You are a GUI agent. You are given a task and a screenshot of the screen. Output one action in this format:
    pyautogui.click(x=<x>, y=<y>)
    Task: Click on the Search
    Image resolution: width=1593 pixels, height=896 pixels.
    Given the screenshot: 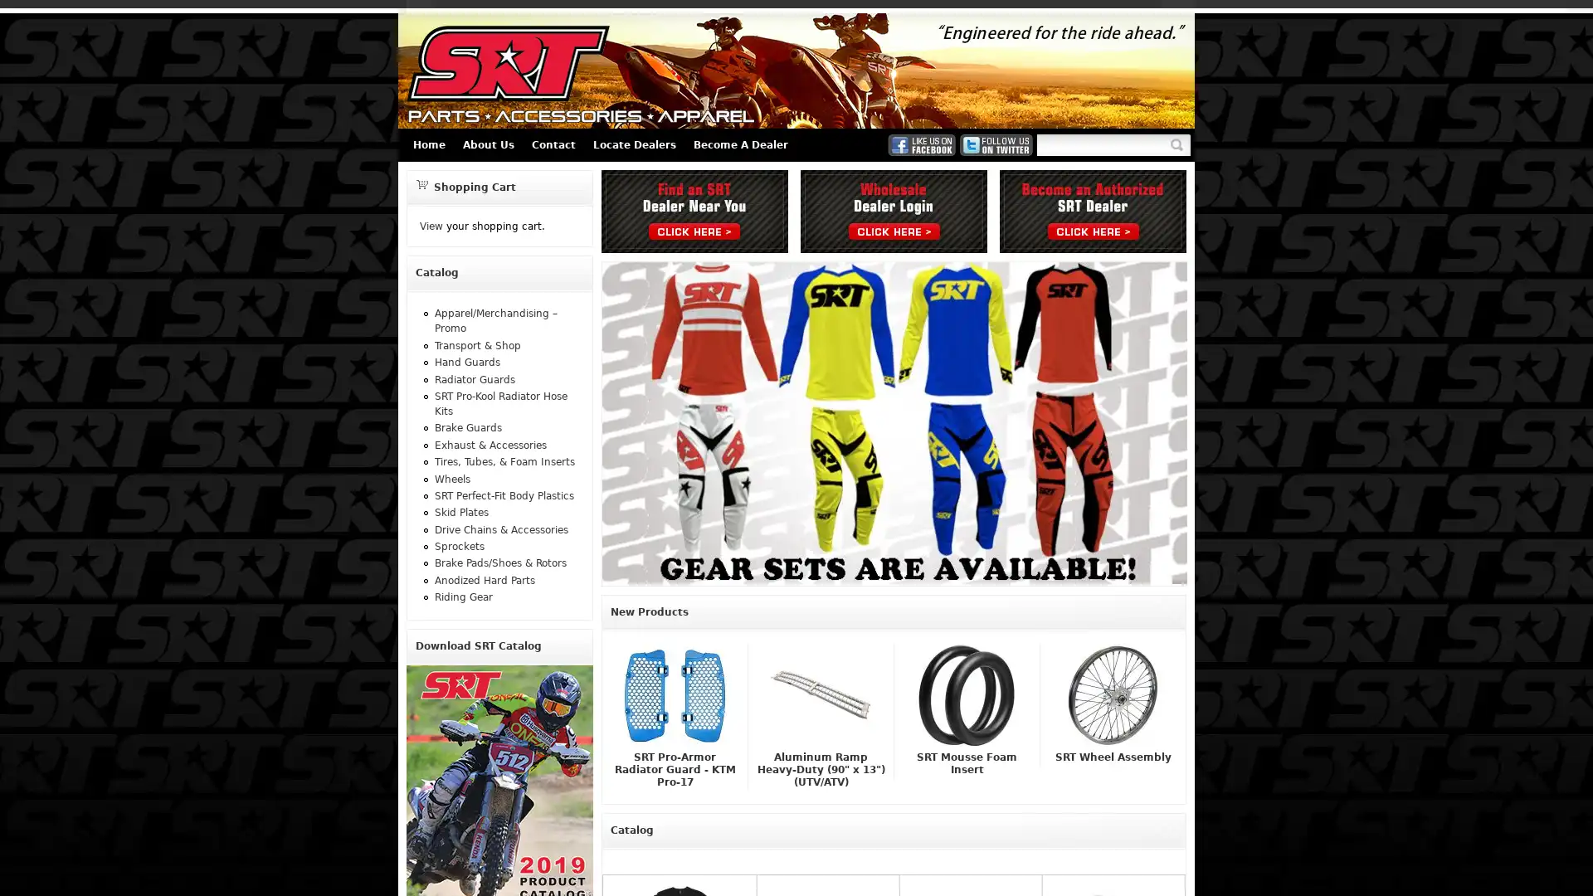 What is the action you would take?
    pyautogui.click(x=1179, y=144)
    